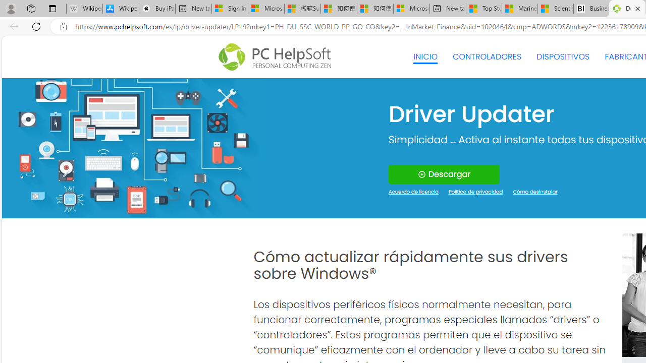  What do you see at coordinates (278, 57) in the screenshot?
I see `'Logo Personal Computing'` at bounding box center [278, 57].